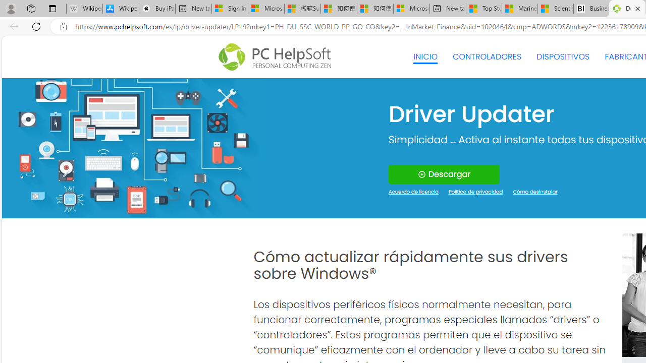  What do you see at coordinates (278, 57) in the screenshot?
I see `'Logo Personal Computing'` at bounding box center [278, 57].